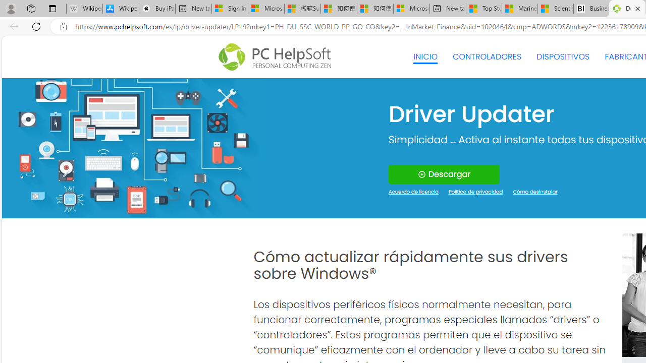  What do you see at coordinates (278, 57) in the screenshot?
I see `'Logo Personal Computing'` at bounding box center [278, 57].